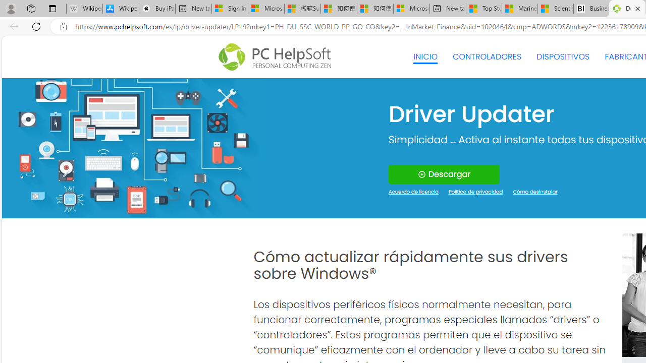  What do you see at coordinates (278, 57) in the screenshot?
I see `'Logo Personal Computing'` at bounding box center [278, 57].